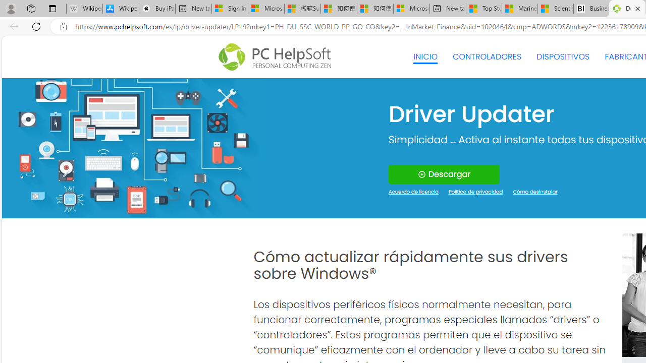  What do you see at coordinates (278, 57) in the screenshot?
I see `'Logo Personal Computing'` at bounding box center [278, 57].